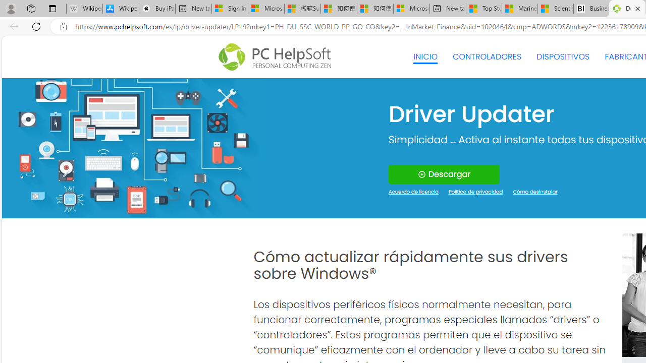  What do you see at coordinates (278, 57) in the screenshot?
I see `'Logo Personal Computing'` at bounding box center [278, 57].